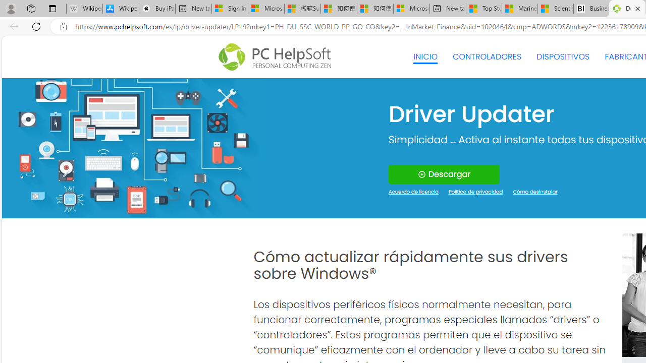  What do you see at coordinates (278, 57) in the screenshot?
I see `'Logo Personal Computing'` at bounding box center [278, 57].